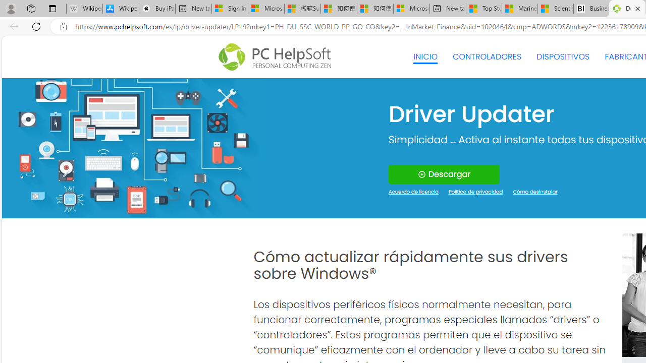  What do you see at coordinates (278, 57) in the screenshot?
I see `'Logo Personal Computing'` at bounding box center [278, 57].